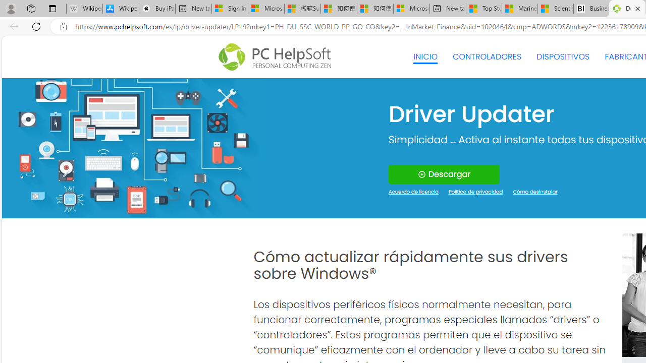  What do you see at coordinates (278, 57) in the screenshot?
I see `'Logo Personal Computing'` at bounding box center [278, 57].